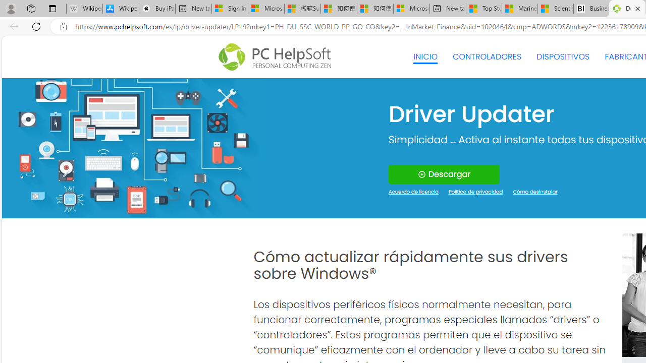  What do you see at coordinates (278, 57) in the screenshot?
I see `'Logo Personal Computing'` at bounding box center [278, 57].